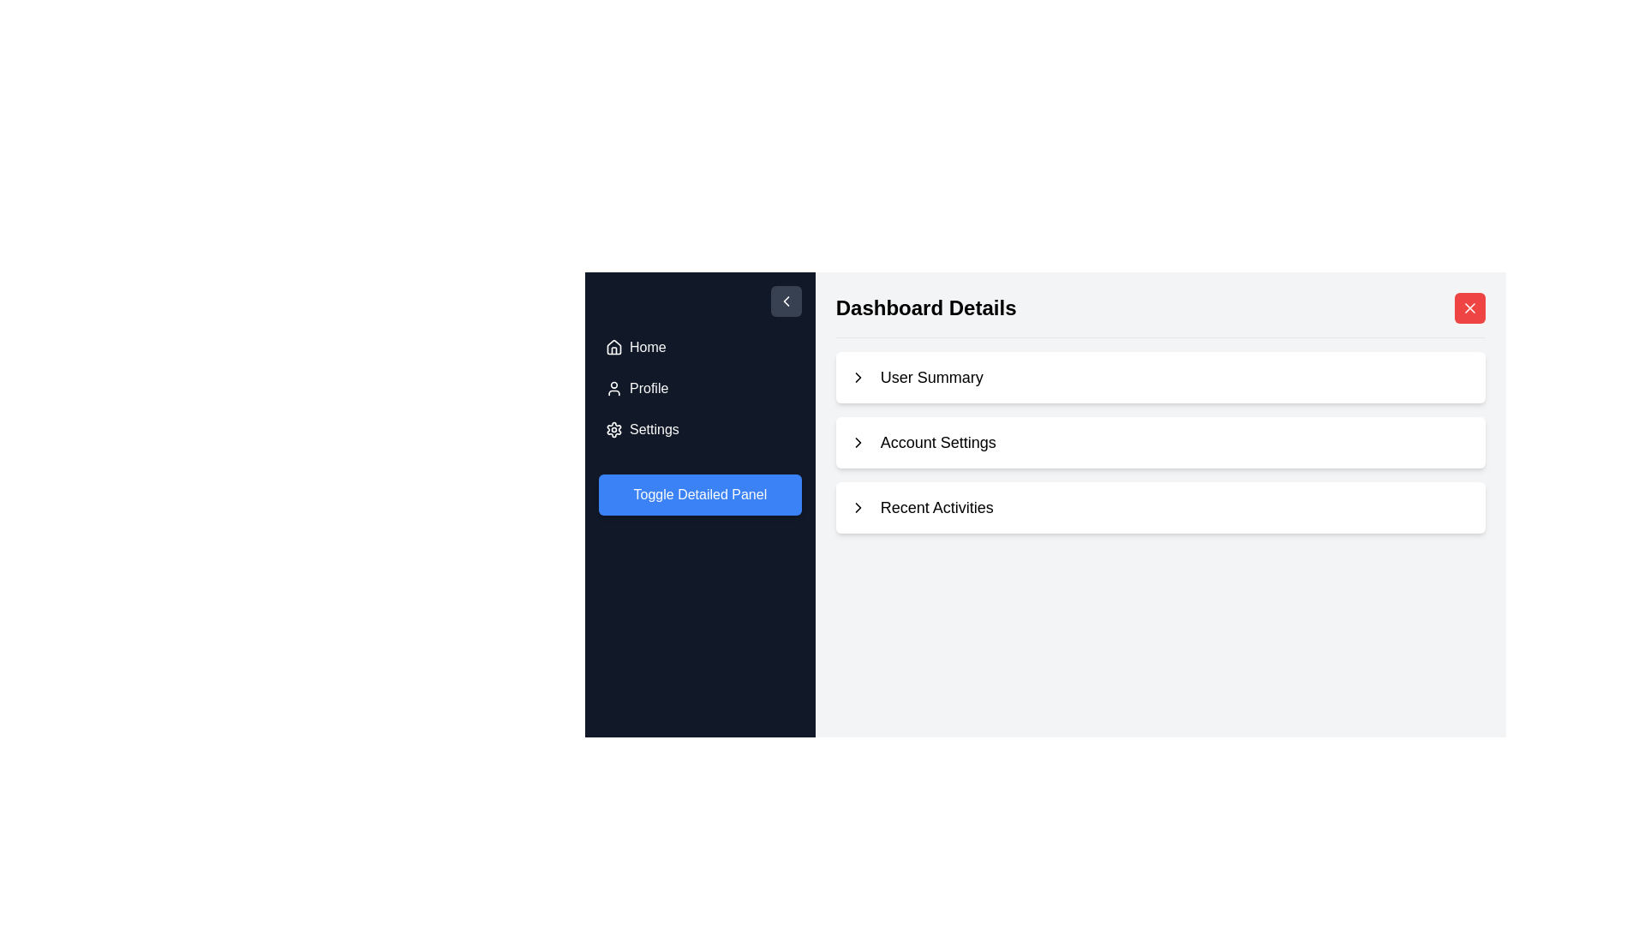 The image size is (1645, 925). What do you see at coordinates (613, 347) in the screenshot?
I see `the 'Home' icon in the vertical navigation menu` at bounding box center [613, 347].